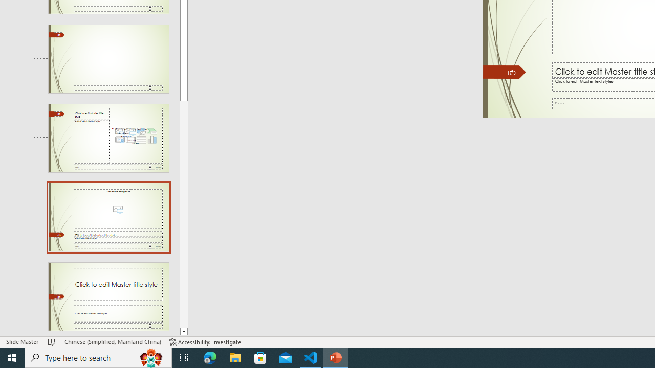  What do you see at coordinates (505, 72) in the screenshot?
I see `'Freeform 11'` at bounding box center [505, 72].